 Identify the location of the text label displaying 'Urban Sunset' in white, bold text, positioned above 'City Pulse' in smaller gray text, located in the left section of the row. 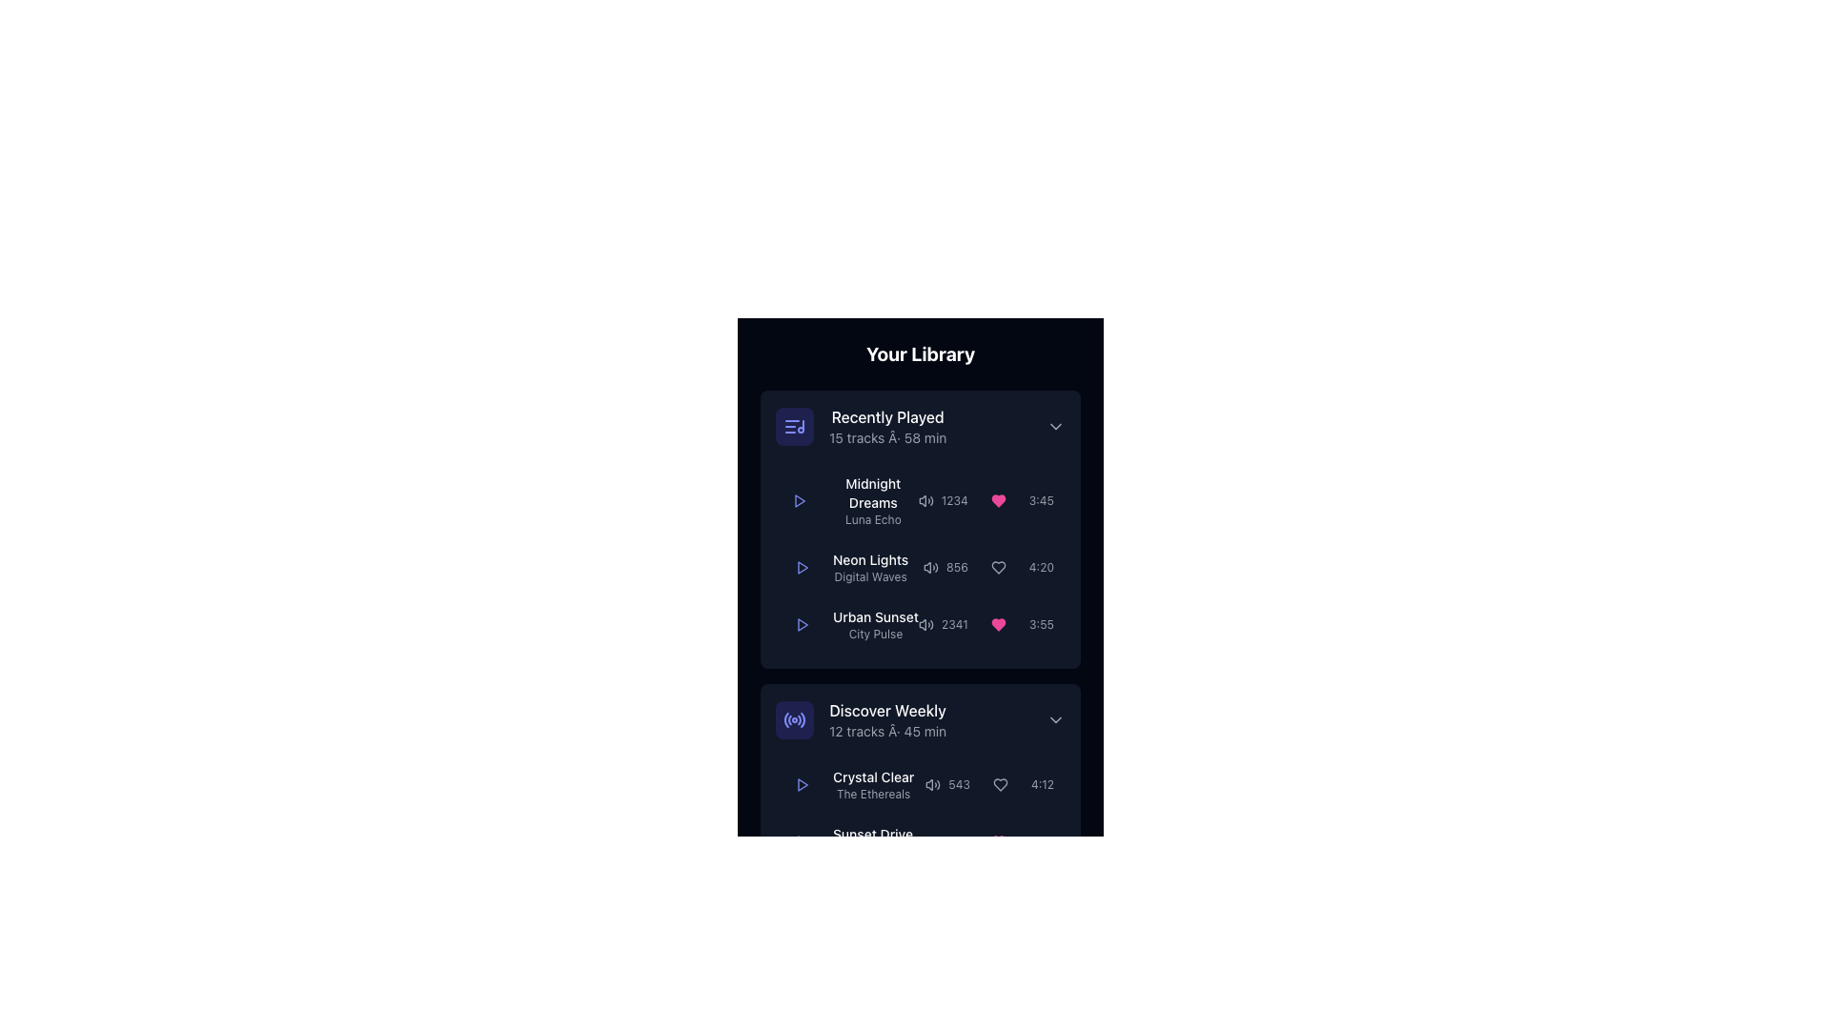
(851, 624).